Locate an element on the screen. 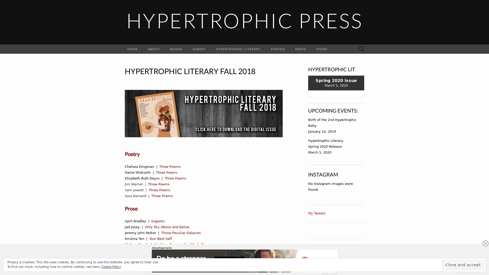  Close and accept is located at coordinates (463, 265).